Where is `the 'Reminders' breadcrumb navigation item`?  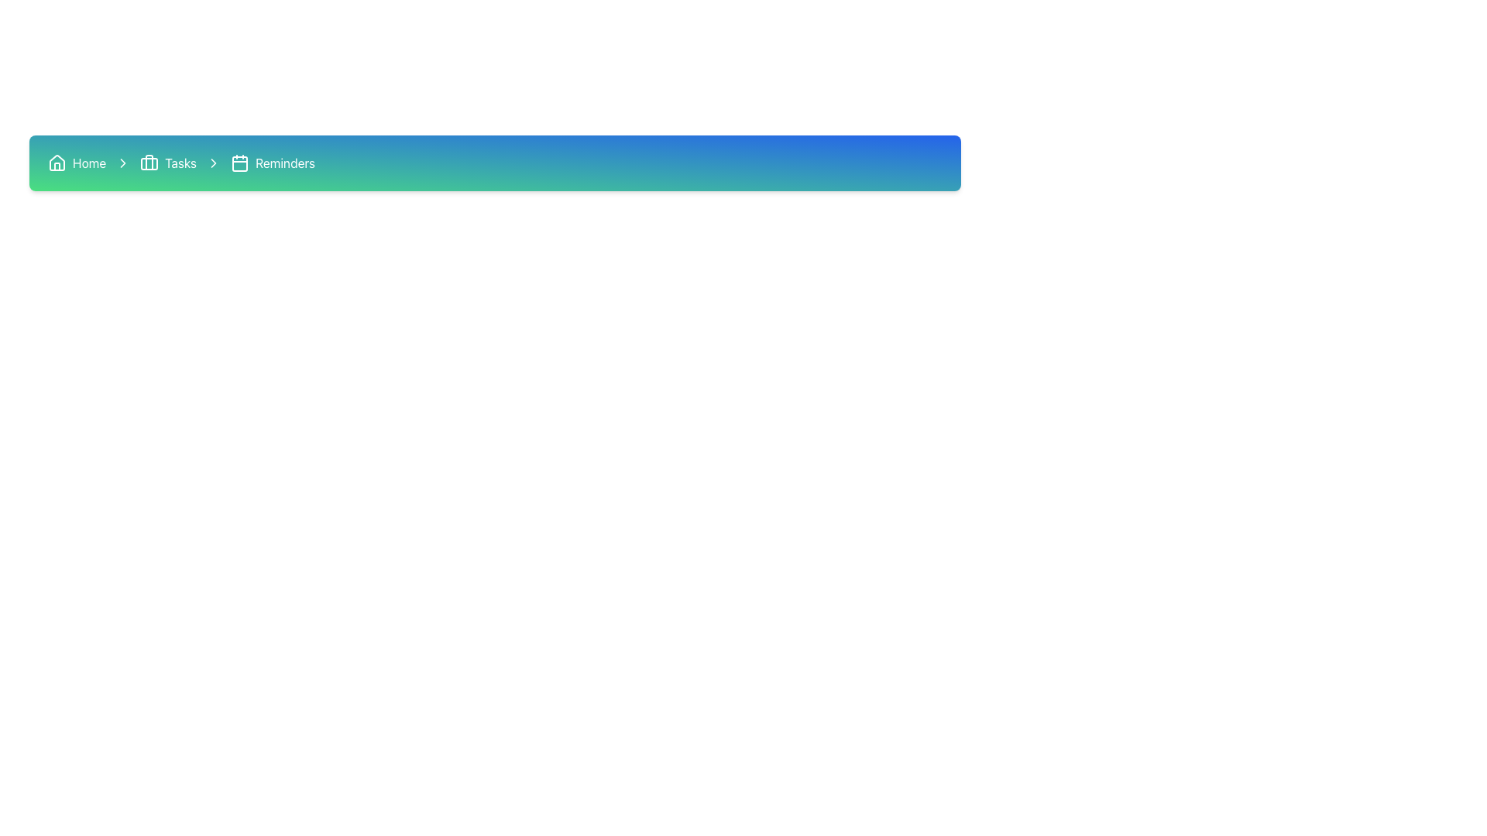 the 'Reminders' breadcrumb navigation item is located at coordinates (273, 163).